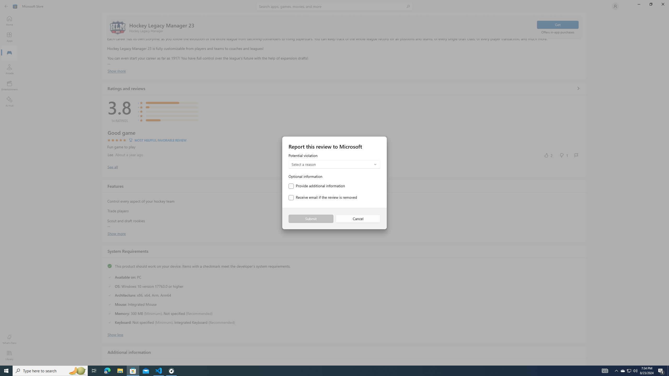  What do you see at coordinates (563, 155) in the screenshot?
I see `'No, this was not helpful. 1 votes.'` at bounding box center [563, 155].